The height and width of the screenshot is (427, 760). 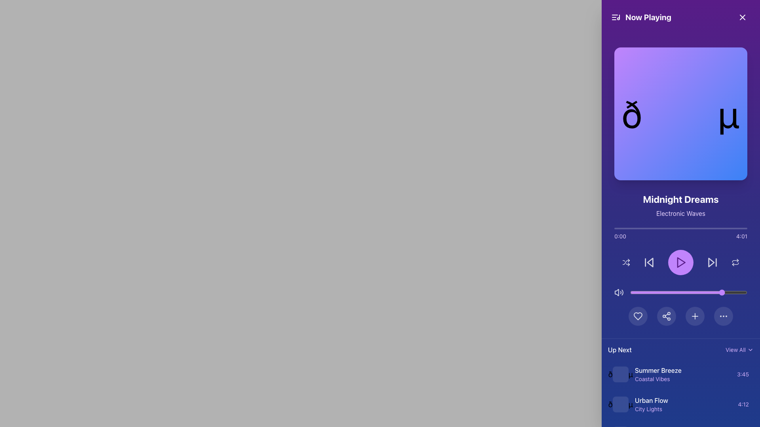 I want to click on text labeled 'Now Playing' which is styled in bold white font on a purple background, located at the top-left corner of the right panel header adjacent to a musical note icon, so click(x=641, y=17).